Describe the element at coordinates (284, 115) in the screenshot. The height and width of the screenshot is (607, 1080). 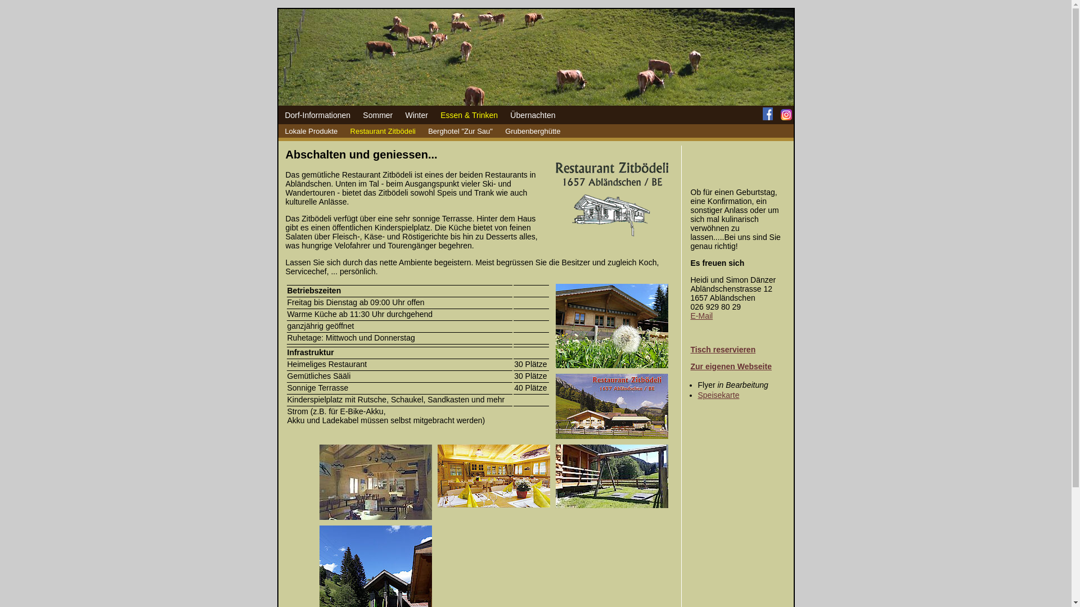
I see `'Dorf-Informationen'` at that location.